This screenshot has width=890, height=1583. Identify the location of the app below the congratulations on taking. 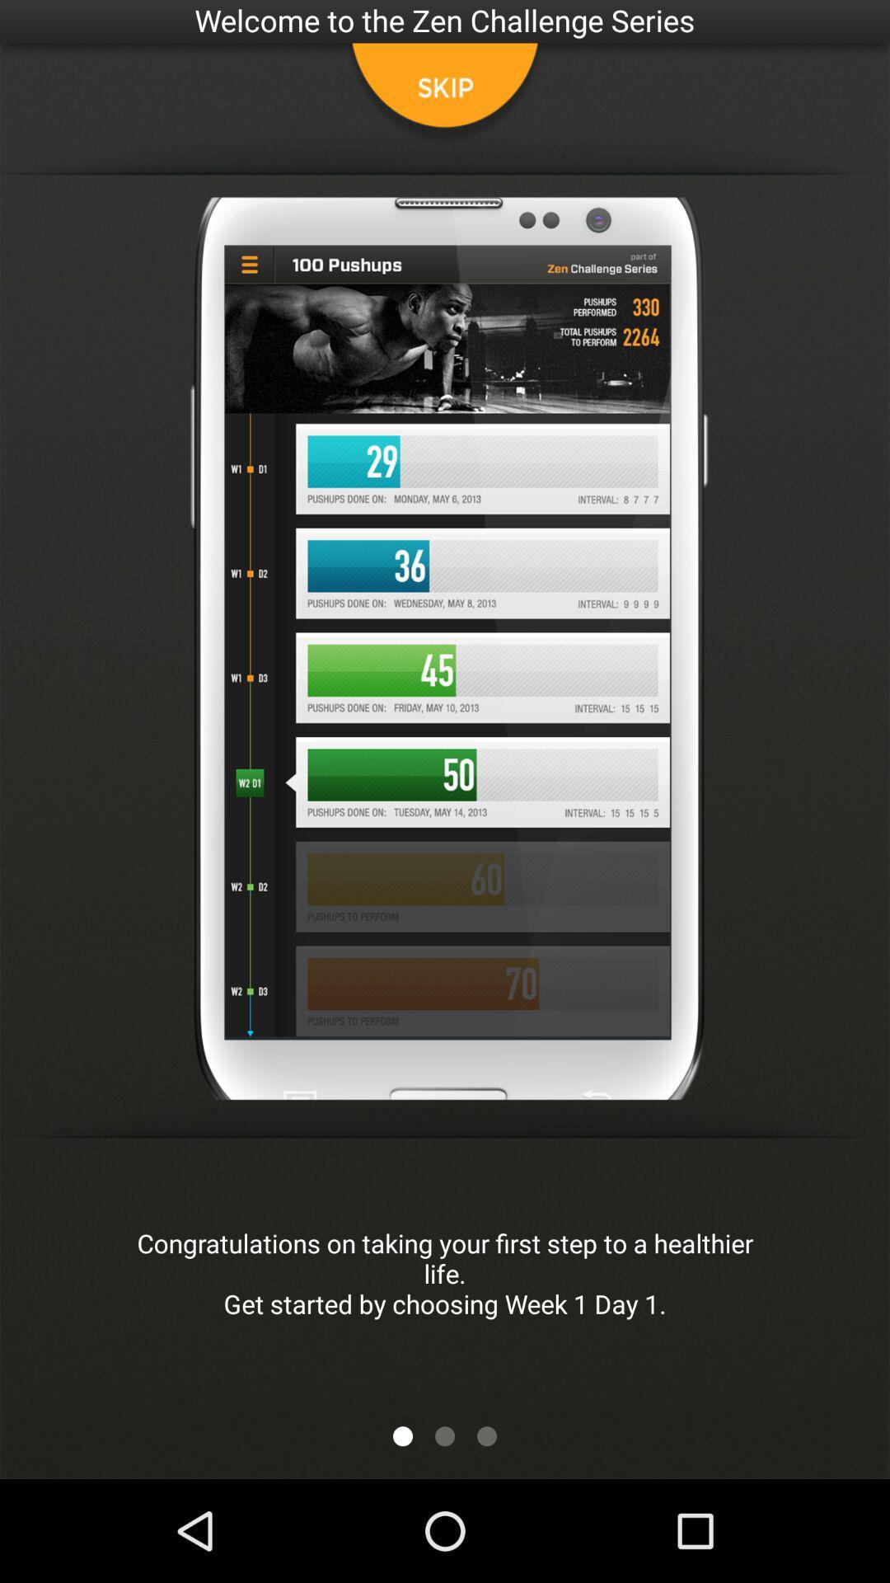
(485, 1435).